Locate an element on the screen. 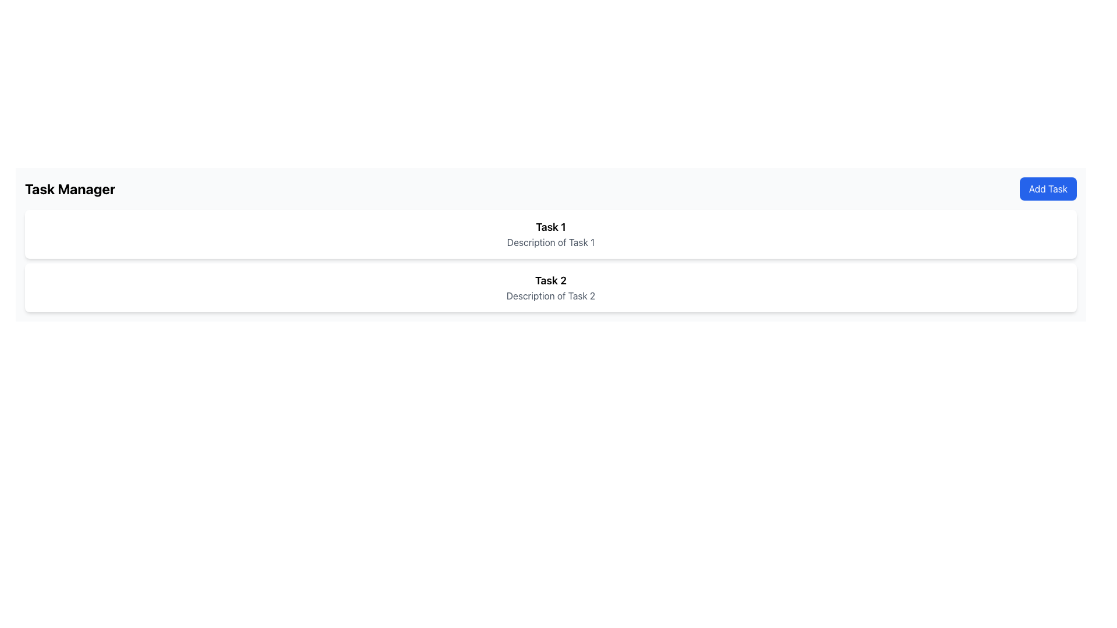 Image resolution: width=1117 pixels, height=628 pixels. descriptive text label for 'Task 1' located directly below the 'Task 1' header in the first task card of the task list is located at coordinates (550, 241).